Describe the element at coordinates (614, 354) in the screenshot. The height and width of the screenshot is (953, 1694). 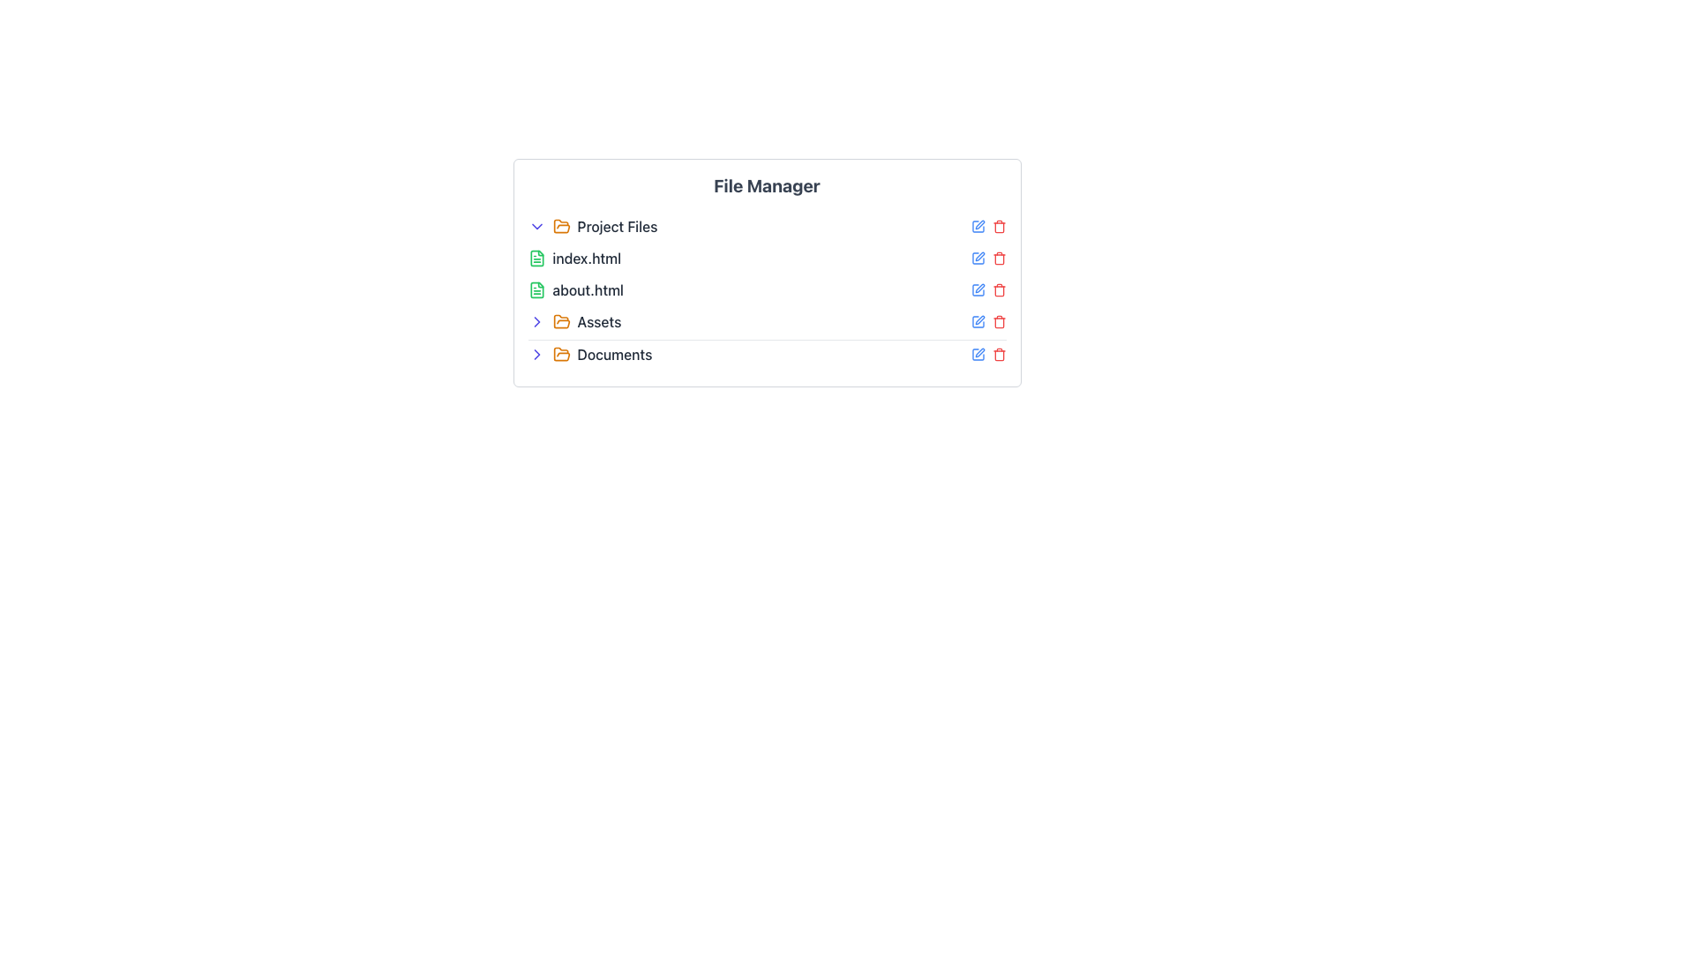
I see `the 'Documents' folder label` at that location.